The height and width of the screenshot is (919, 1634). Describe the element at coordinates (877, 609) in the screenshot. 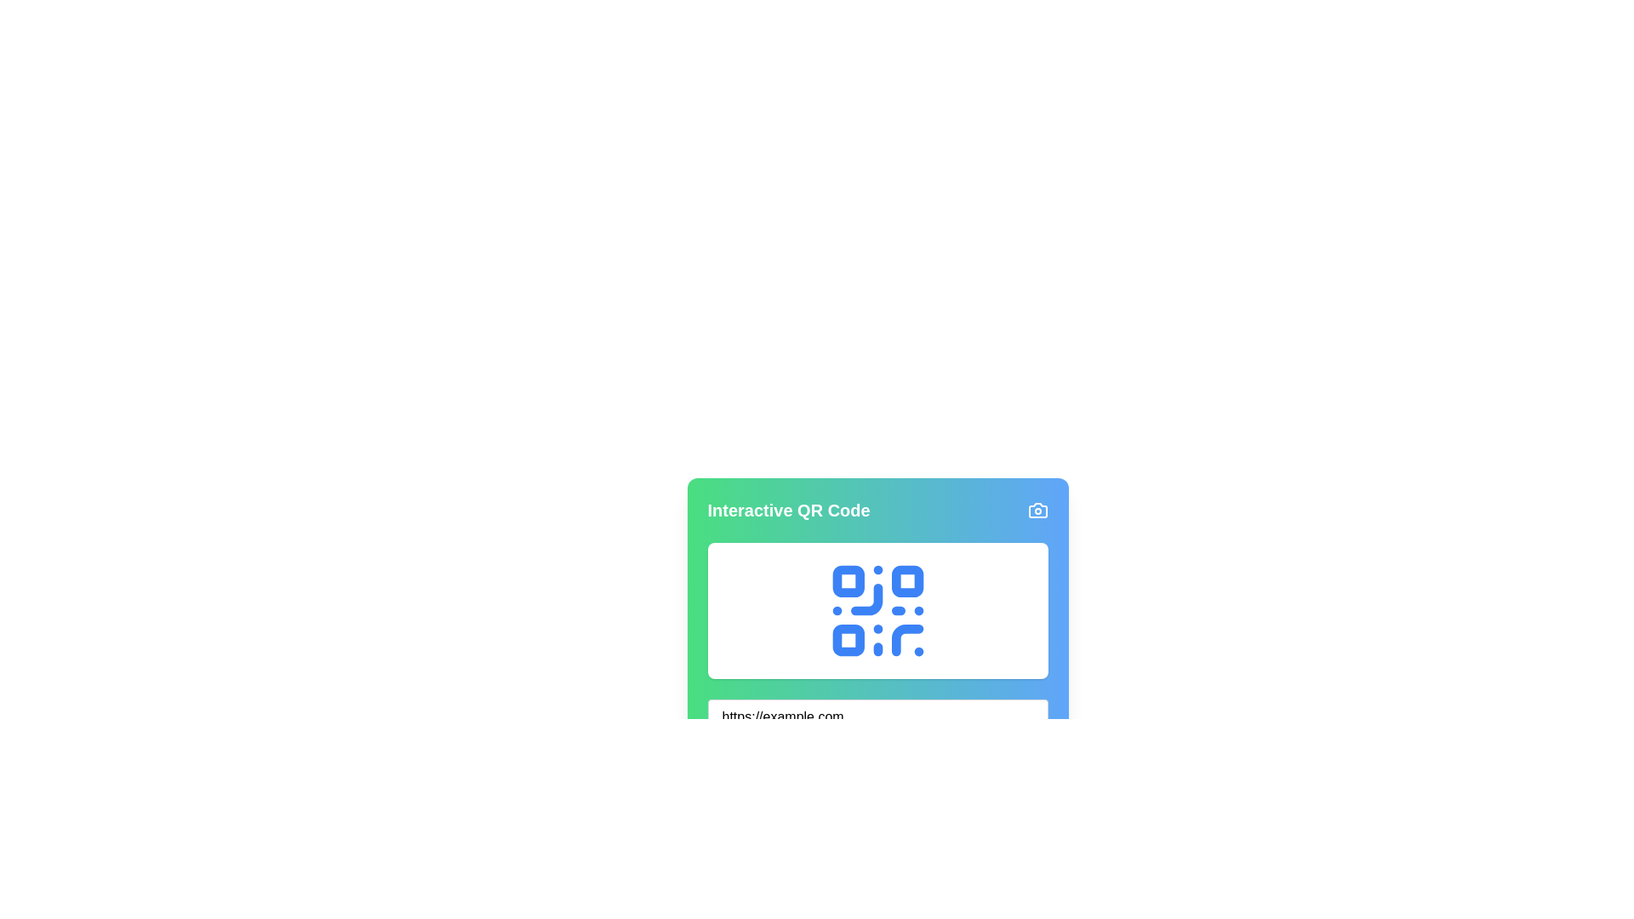

I see `the white rectangle with rounded corners containing the blue stylized QR code icon at its center, located within the 'Interactive QR Code' section` at that location.